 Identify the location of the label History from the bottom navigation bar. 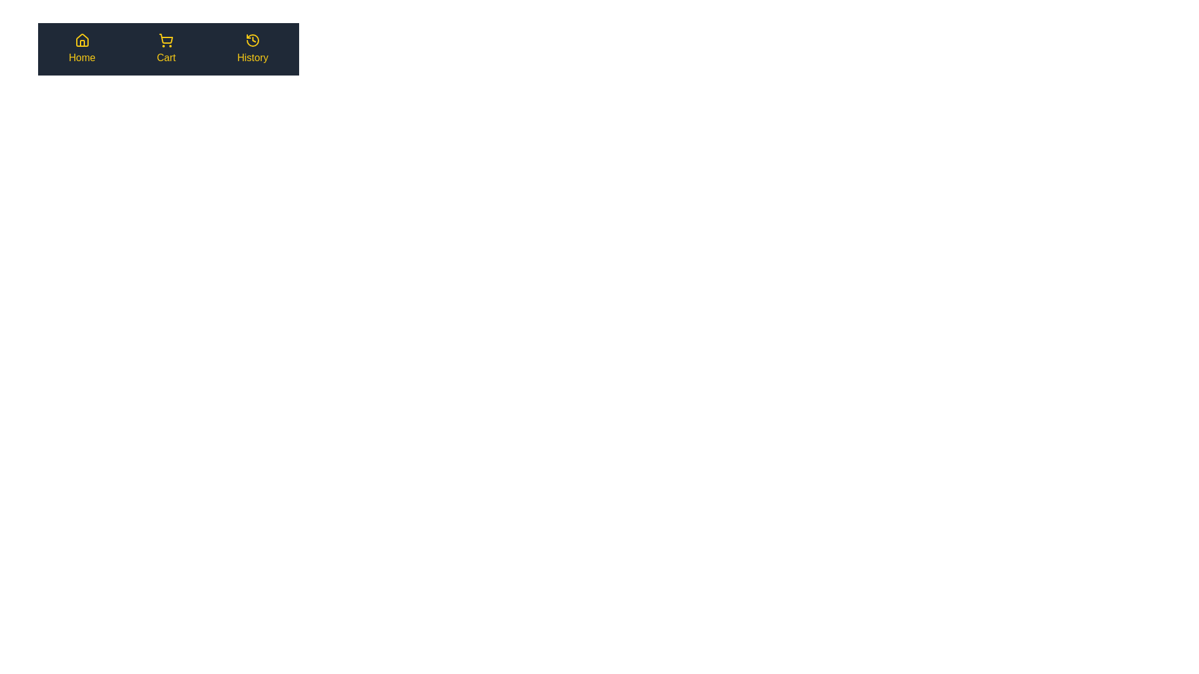
(252, 57).